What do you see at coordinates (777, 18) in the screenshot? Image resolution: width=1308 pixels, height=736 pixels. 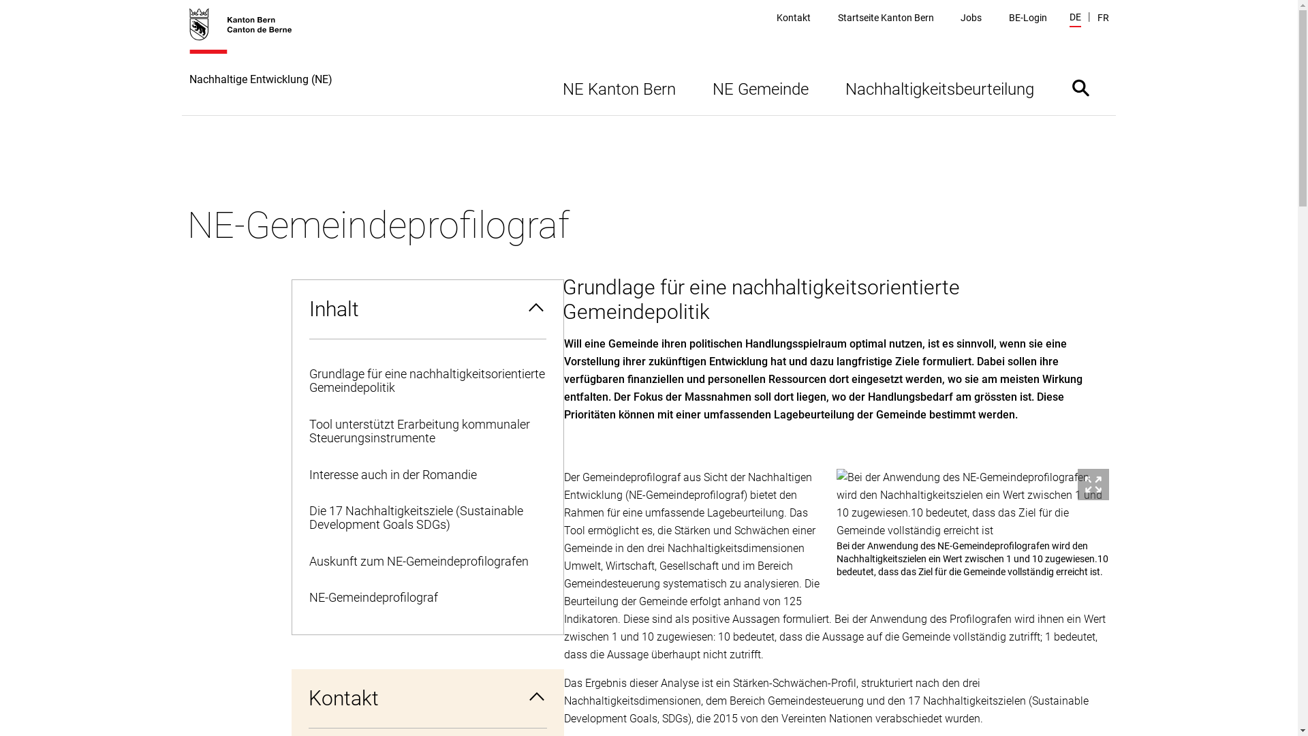 I see `'Kontakt'` at bounding box center [777, 18].